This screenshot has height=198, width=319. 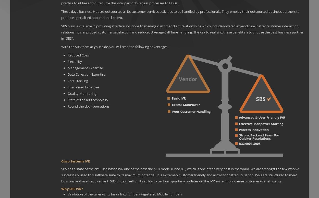 I want to click on 'State of the art technology', so click(x=68, y=99).